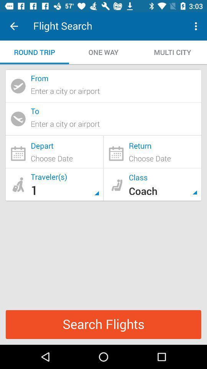 The height and width of the screenshot is (369, 207). Describe the element at coordinates (103, 52) in the screenshot. I see `the item next to multi city item` at that location.